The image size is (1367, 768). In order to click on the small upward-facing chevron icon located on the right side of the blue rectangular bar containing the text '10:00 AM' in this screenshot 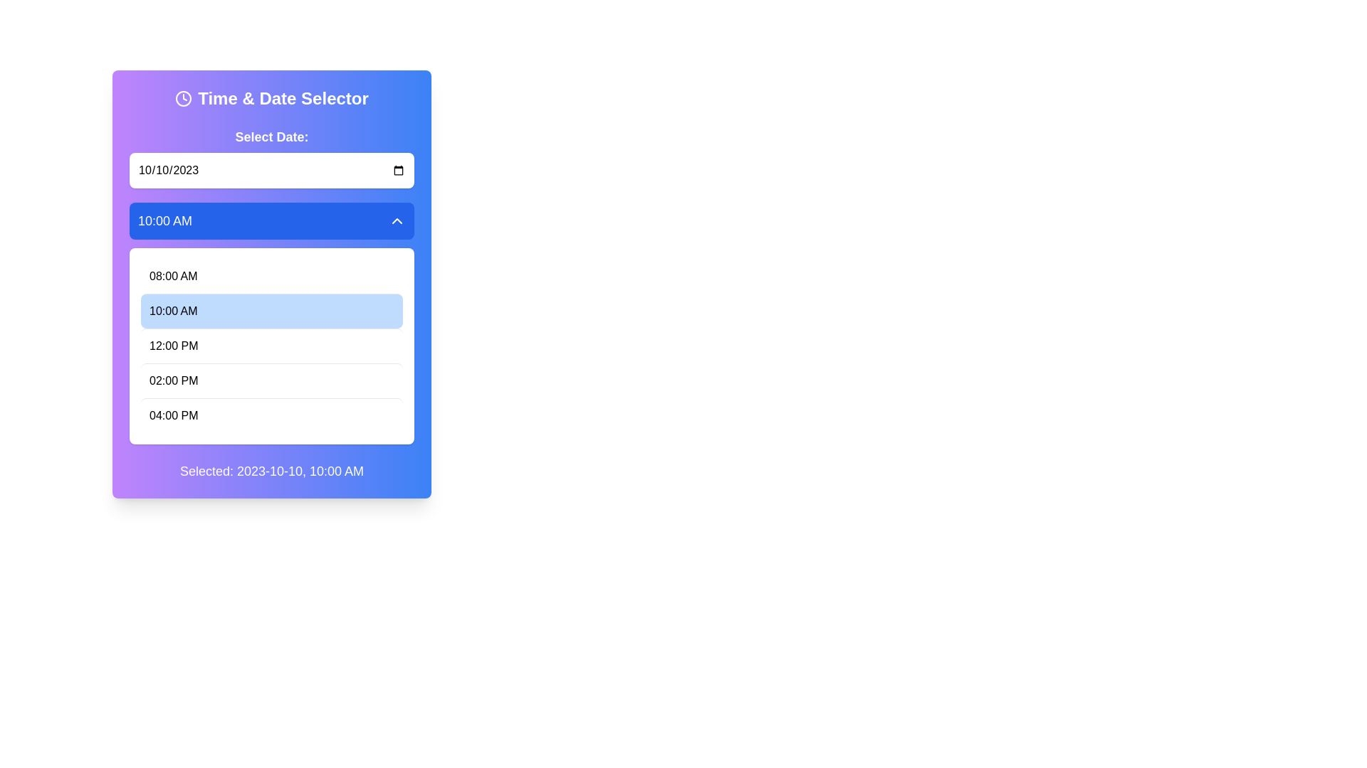, I will do `click(397, 221)`.